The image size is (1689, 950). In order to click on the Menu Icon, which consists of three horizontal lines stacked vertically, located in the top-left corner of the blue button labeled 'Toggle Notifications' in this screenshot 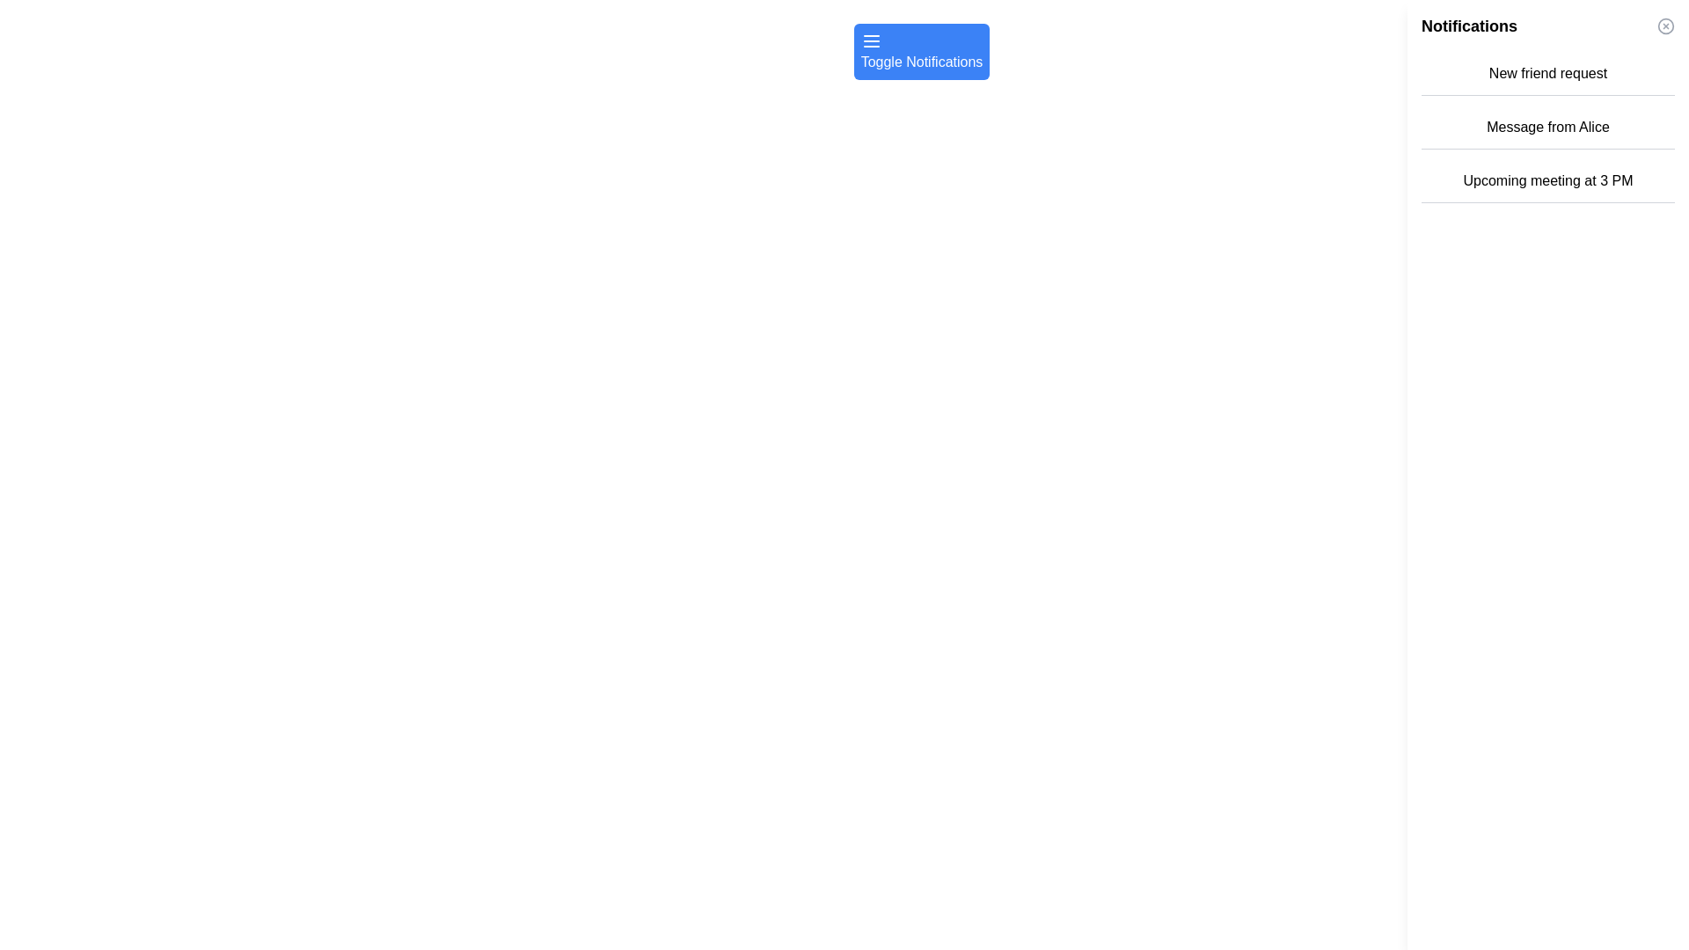, I will do `click(871, 40)`.